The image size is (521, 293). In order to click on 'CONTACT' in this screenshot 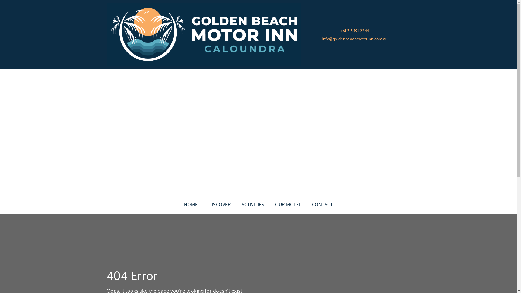, I will do `click(322, 204)`.